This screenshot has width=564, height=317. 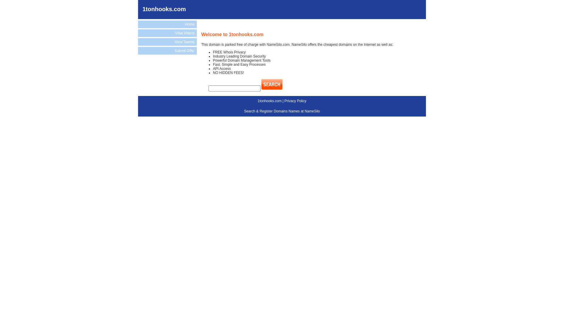 I want to click on 'Search & Register Domains Names at NameSilo', so click(x=282, y=111).